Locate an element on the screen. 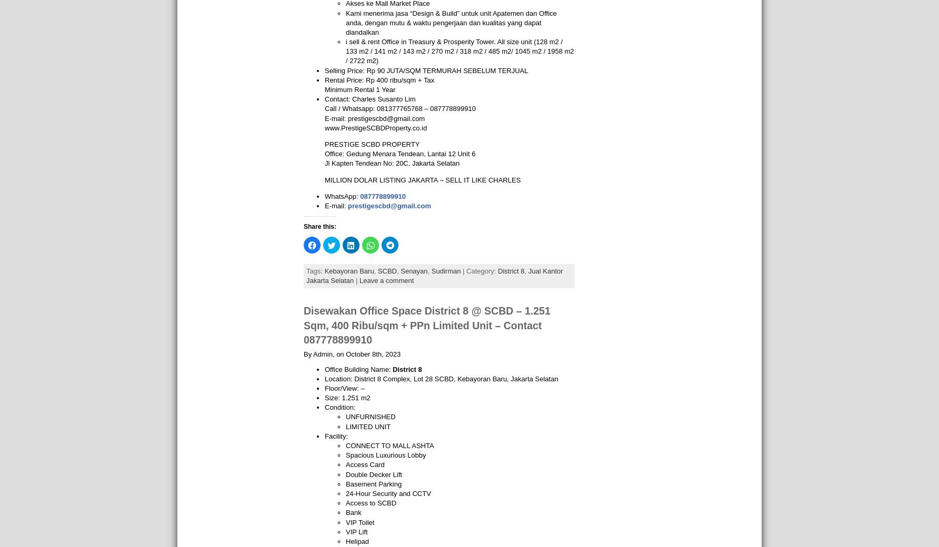  'Spacious Luxurious Lobby' is located at coordinates (386, 454).